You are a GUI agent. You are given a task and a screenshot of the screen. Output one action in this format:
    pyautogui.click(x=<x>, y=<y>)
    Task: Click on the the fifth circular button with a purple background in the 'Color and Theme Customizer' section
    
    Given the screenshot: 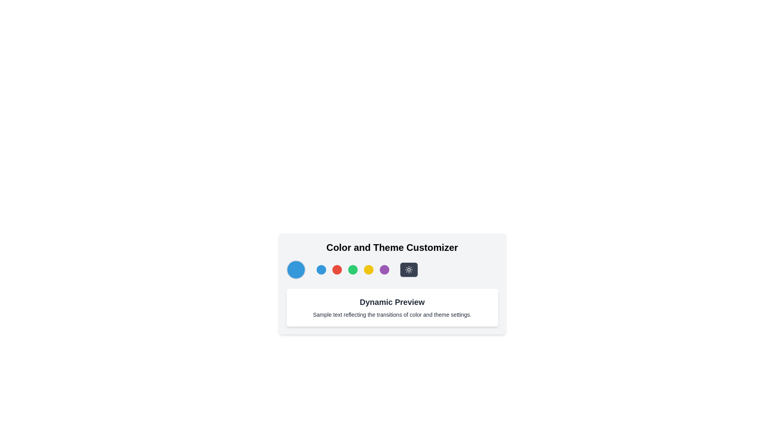 What is the action you would take?
    pyautogui.click(x=384, y=269)
    